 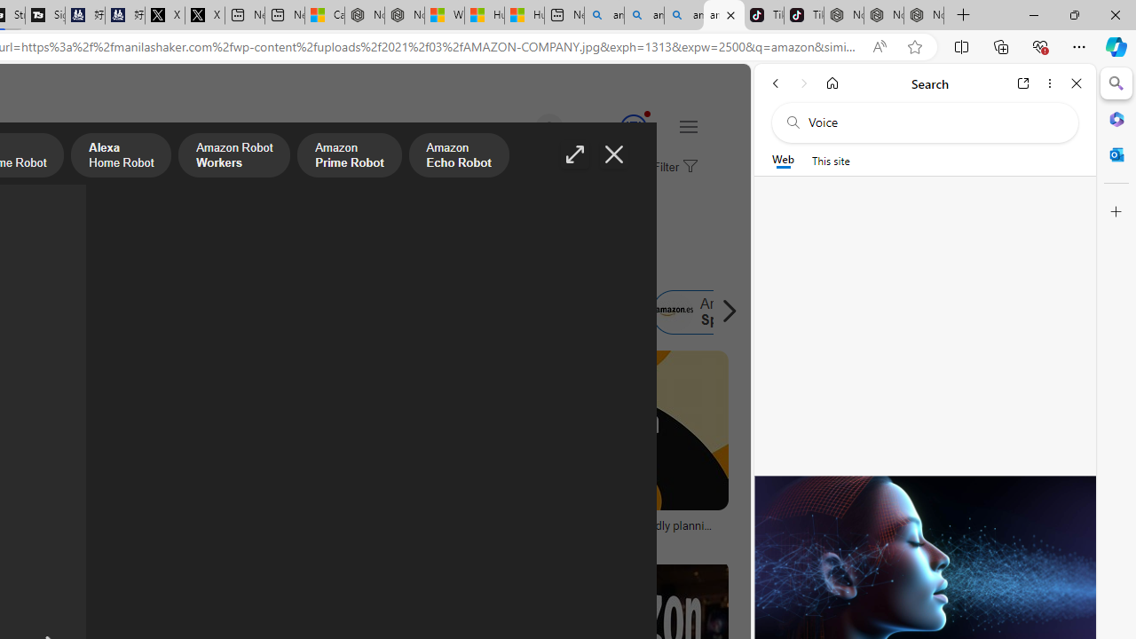 I want to click on 'Amazon Spain', so click(x=711, y=312).